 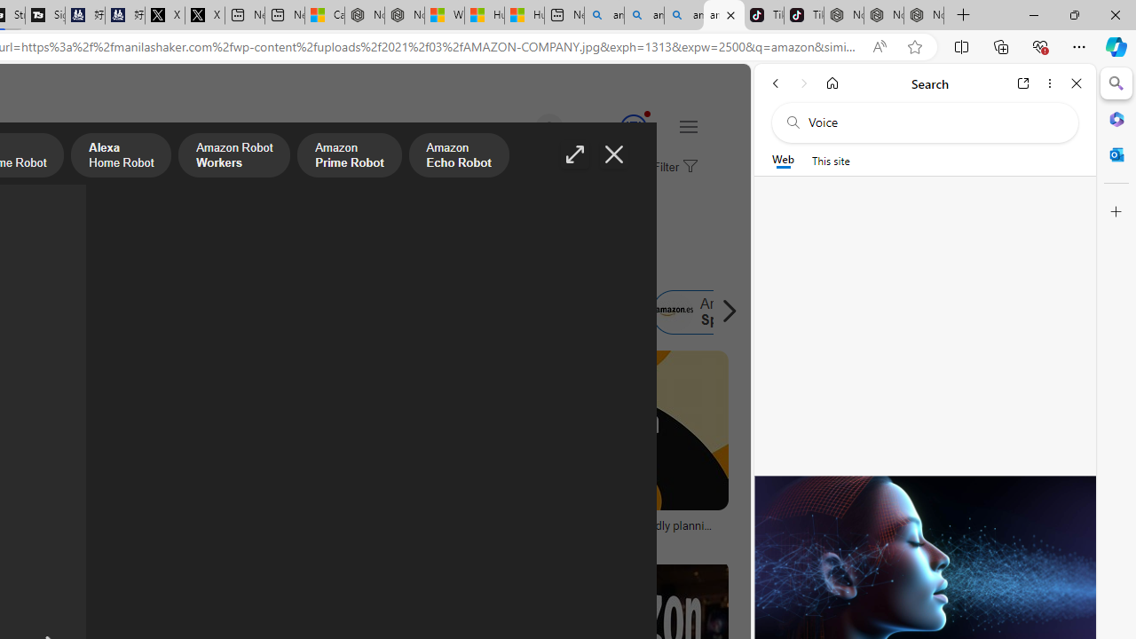 I want to click on 'Amazon Spain', so click(x=711, y=312).